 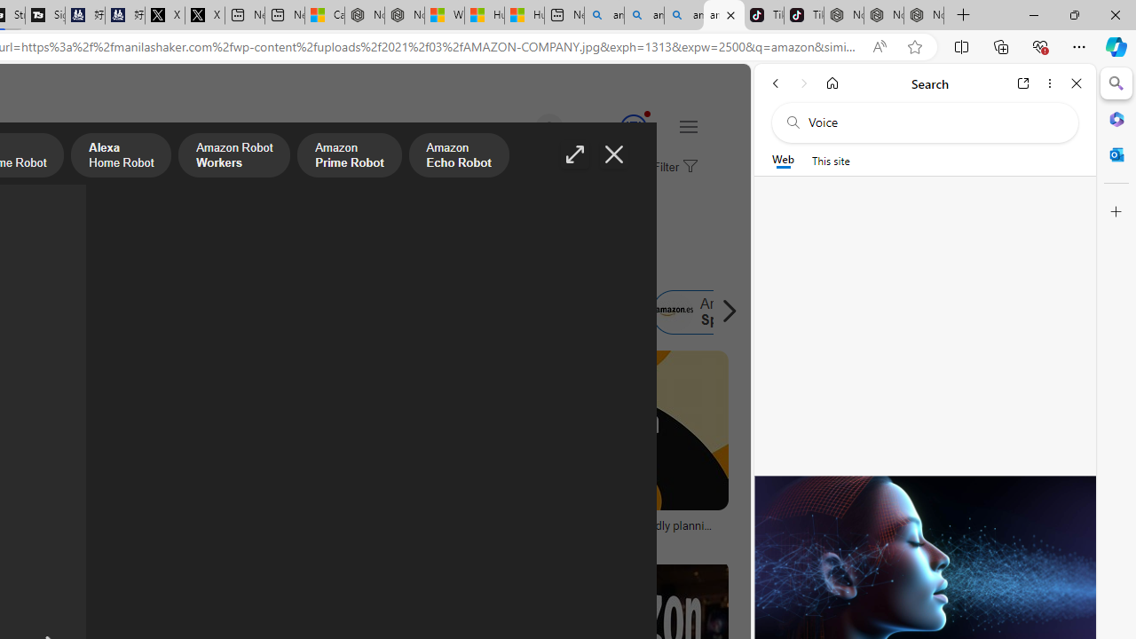 I want to click on 'Amazon Spain', so click(x=711, y=312).